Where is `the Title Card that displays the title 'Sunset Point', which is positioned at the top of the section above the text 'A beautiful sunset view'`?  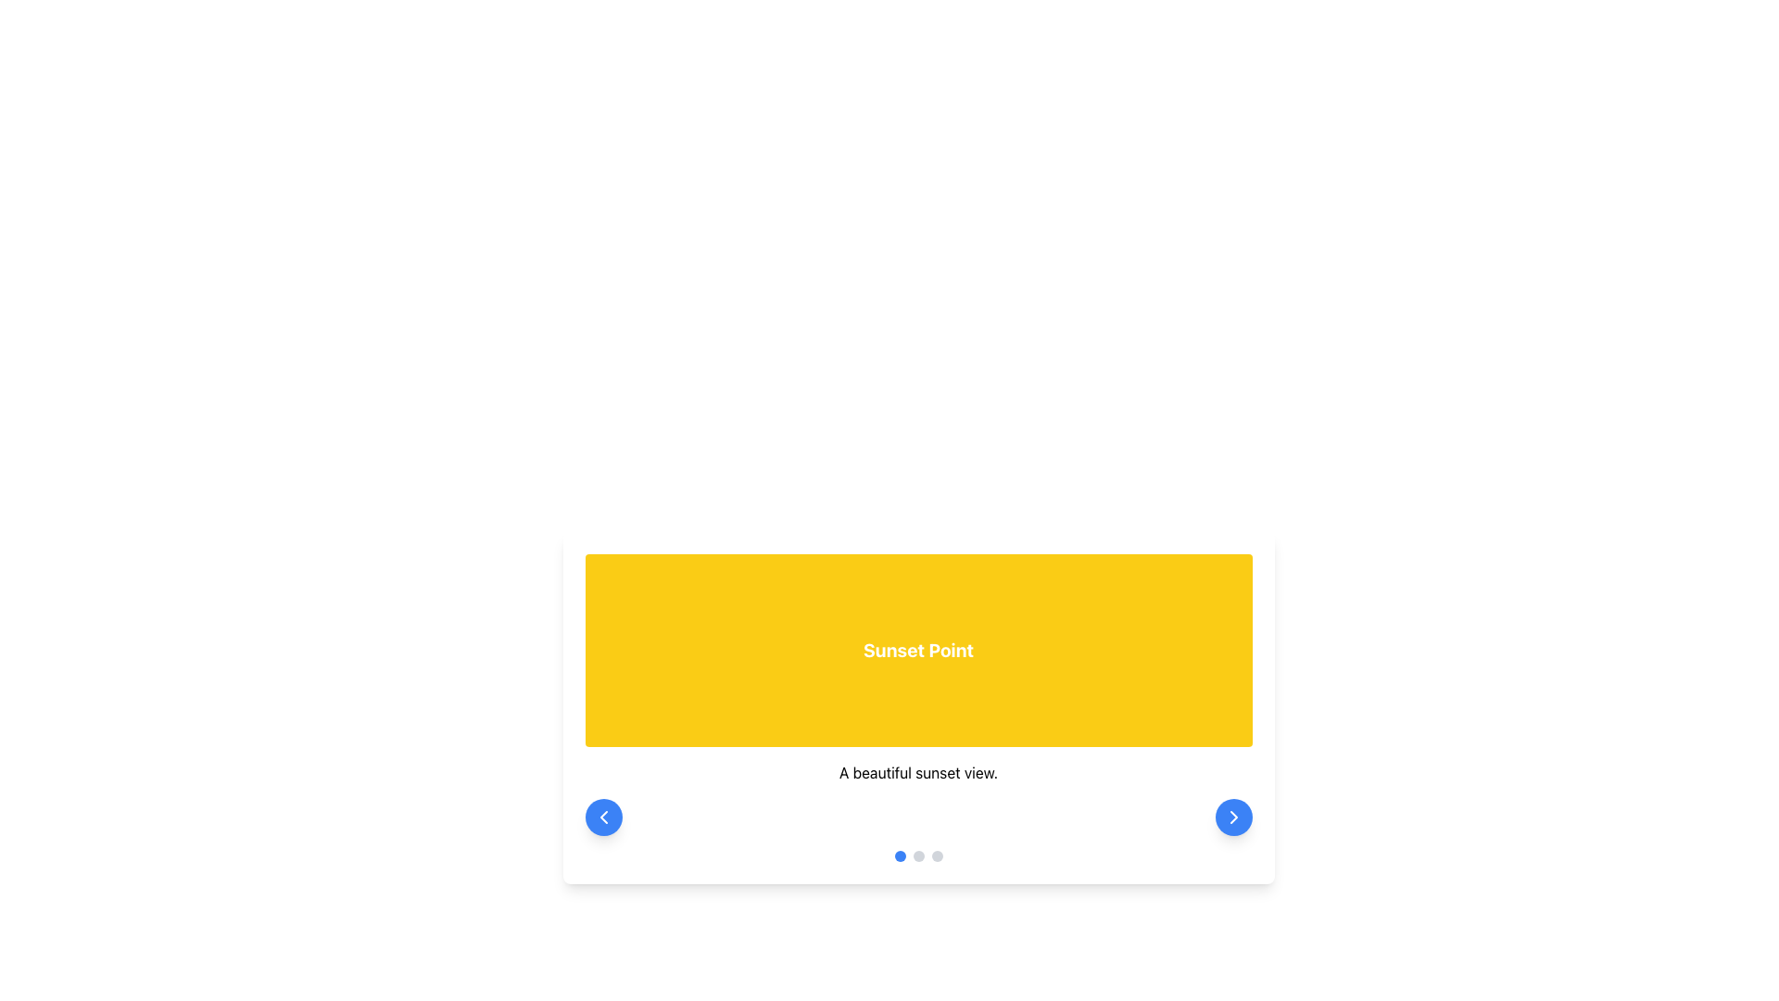 the Title Card that displays the title 'Sunset Point', which is positioned at the top of the section above the text 'A beautiful sunset view' is located at coordinates (918, 650).